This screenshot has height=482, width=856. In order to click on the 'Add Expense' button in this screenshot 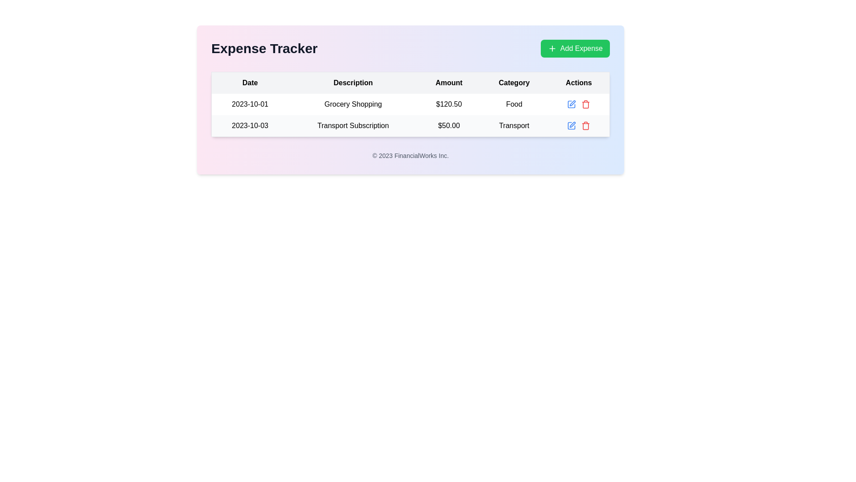, I will do `click(575, 48)`.